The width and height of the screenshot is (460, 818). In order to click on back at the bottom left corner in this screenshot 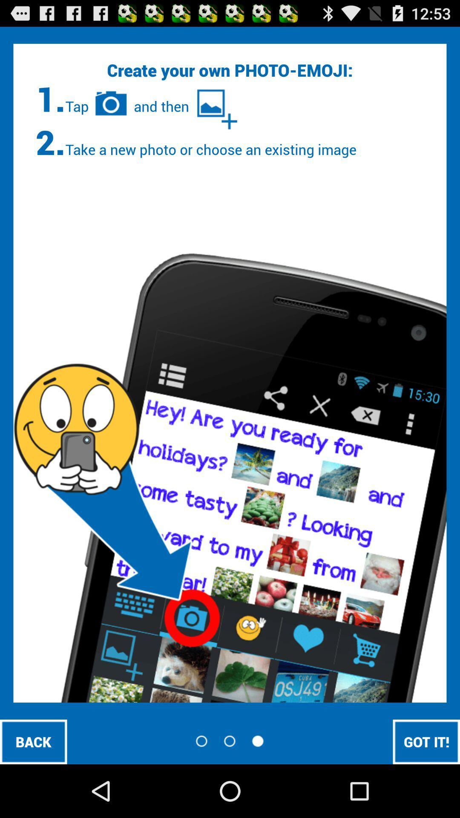, I will do `click(33, 741)`.